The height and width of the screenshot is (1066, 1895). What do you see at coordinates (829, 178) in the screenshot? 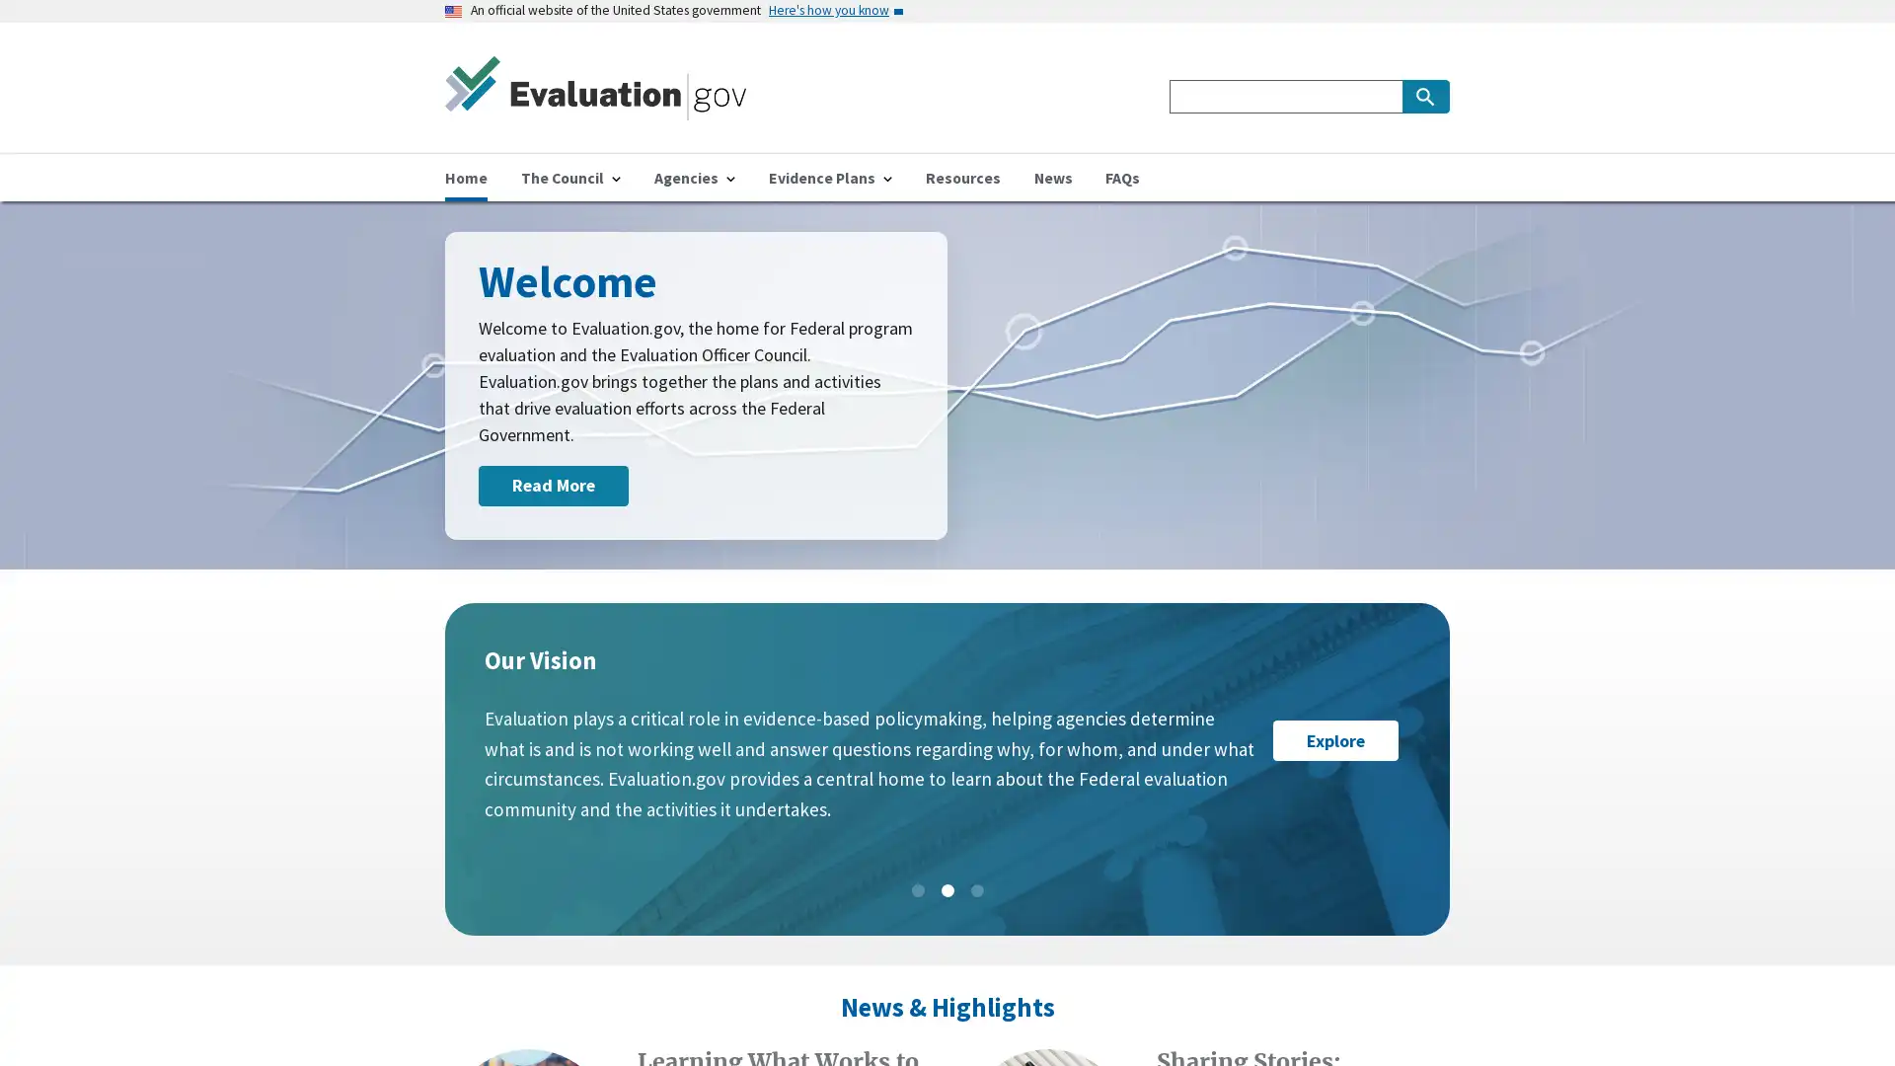
I see `Evidence Plans` at bounding box center [829, 178].